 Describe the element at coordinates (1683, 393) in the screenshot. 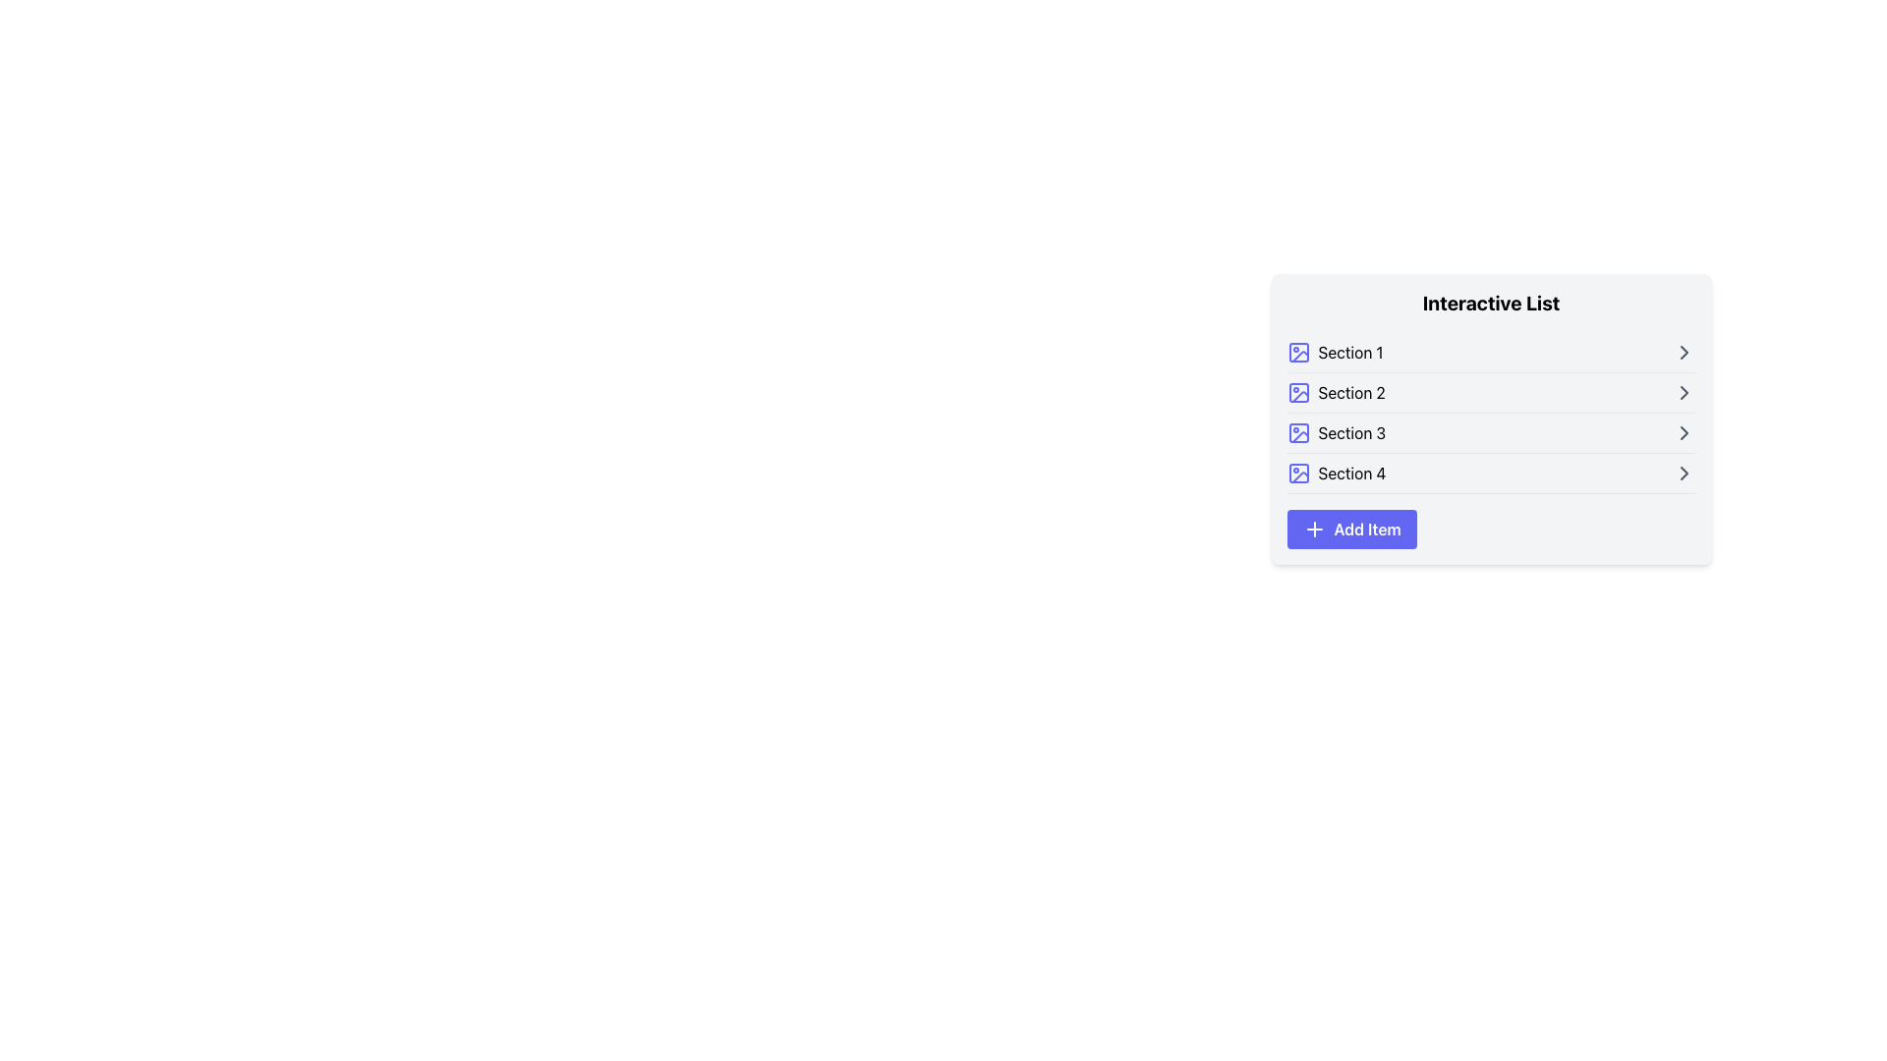

I see `the chevron button located at the rightmost position of the 'Section 2' row` at that location.